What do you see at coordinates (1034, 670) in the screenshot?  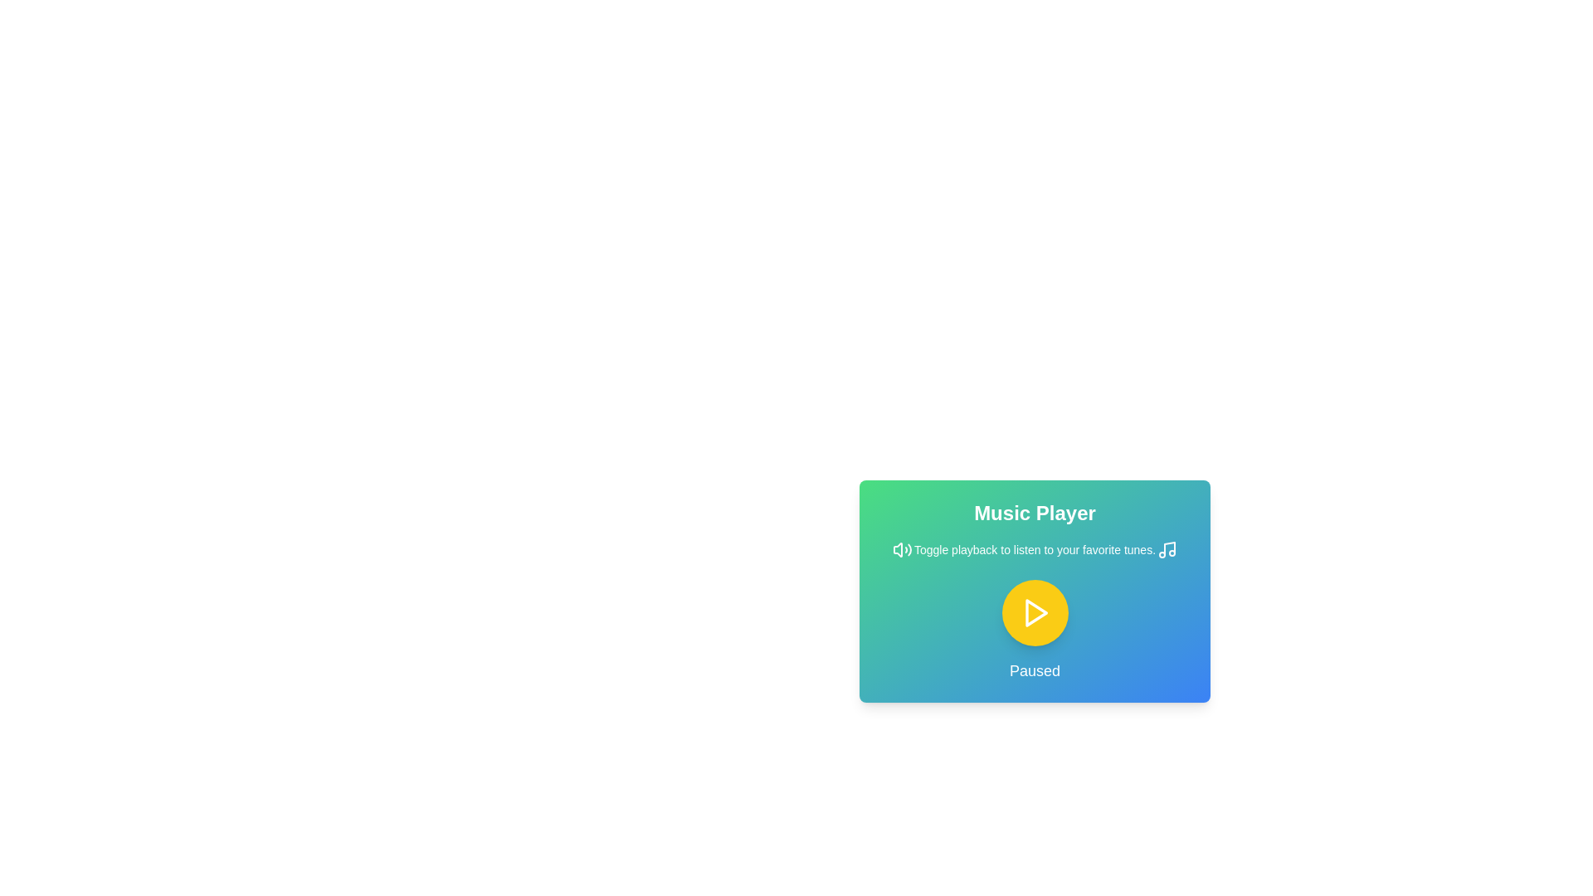 I see `the 'Paused' text label, which is styled in a medium font size and white color, located at the bottom center of the multimedia control card layout beneath the yellow play icon` at bounding box center [1034, 670].